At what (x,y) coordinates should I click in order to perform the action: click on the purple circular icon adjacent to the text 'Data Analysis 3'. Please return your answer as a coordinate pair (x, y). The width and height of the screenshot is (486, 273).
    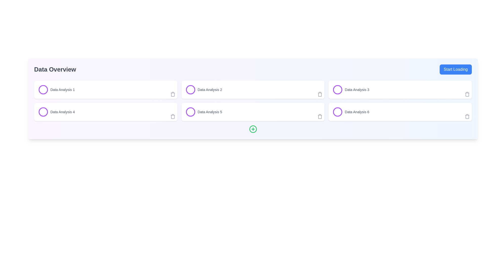
    Looking at the image, I should click on (338, 89).